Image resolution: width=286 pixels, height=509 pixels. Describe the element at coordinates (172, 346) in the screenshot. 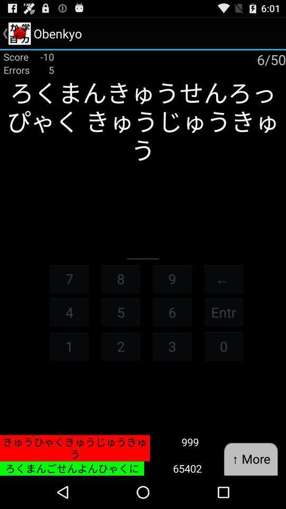

I see `the 3 button` at that location.